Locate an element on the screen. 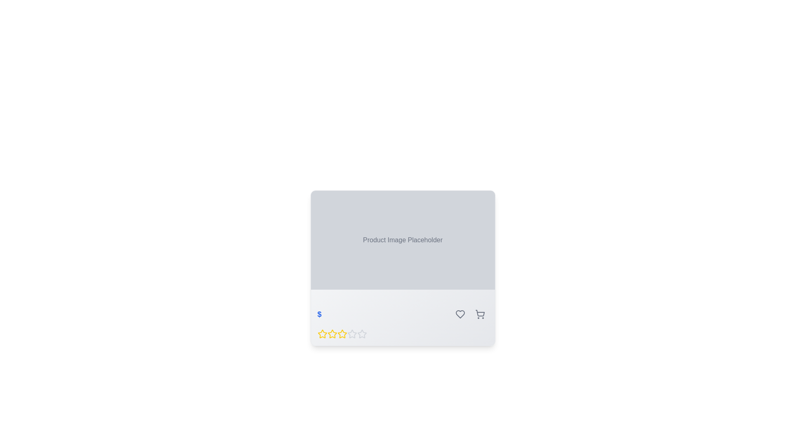 Image resolution: width=792 pixels, height=445 pixels. the heart icon button, which indicates a 'favorite' or 'like' functionality is located at coordinates (460, 314).